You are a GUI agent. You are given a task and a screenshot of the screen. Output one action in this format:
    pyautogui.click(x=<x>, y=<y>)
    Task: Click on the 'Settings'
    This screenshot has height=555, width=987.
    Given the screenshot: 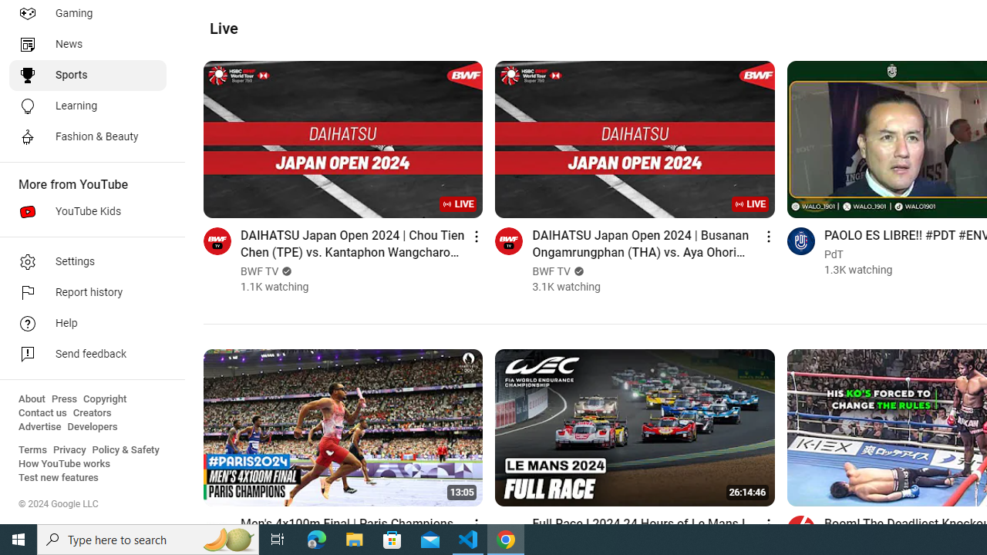 What is the action you would take?
    pyautogui.click(x=86, y=261)
    